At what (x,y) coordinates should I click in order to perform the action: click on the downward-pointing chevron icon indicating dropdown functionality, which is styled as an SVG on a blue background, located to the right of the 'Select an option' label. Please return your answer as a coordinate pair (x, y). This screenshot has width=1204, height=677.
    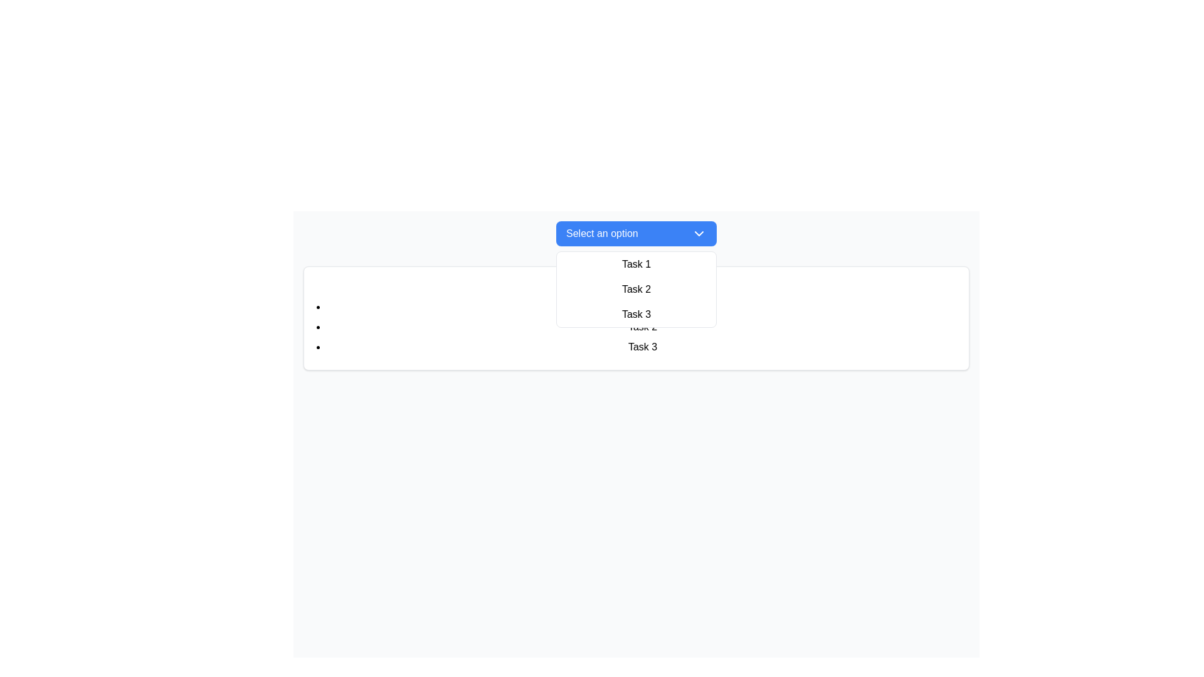
    Looking at the image, I should click on (698, 234).